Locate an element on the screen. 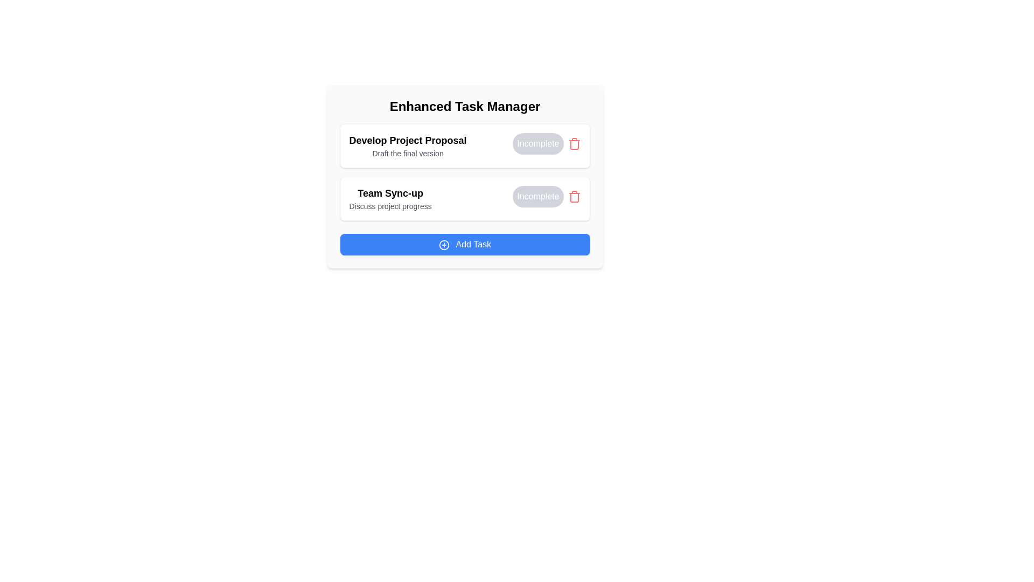  the text block containing the task title and subtitle located in the second item of the vertical task list under 'Develop Project Proposal' is located at coordinates (390, 199).